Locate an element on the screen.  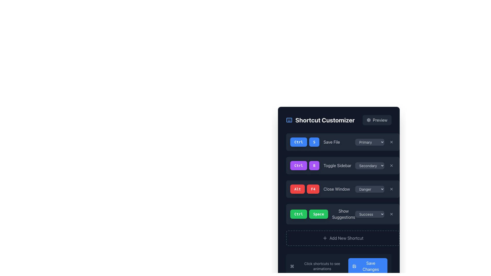
the close or delete button located at the far-right end of the action row, which is aligned with the 'Danger' dropdown menu and the 'Alt + F4' label is located at coordinates (391, 189).